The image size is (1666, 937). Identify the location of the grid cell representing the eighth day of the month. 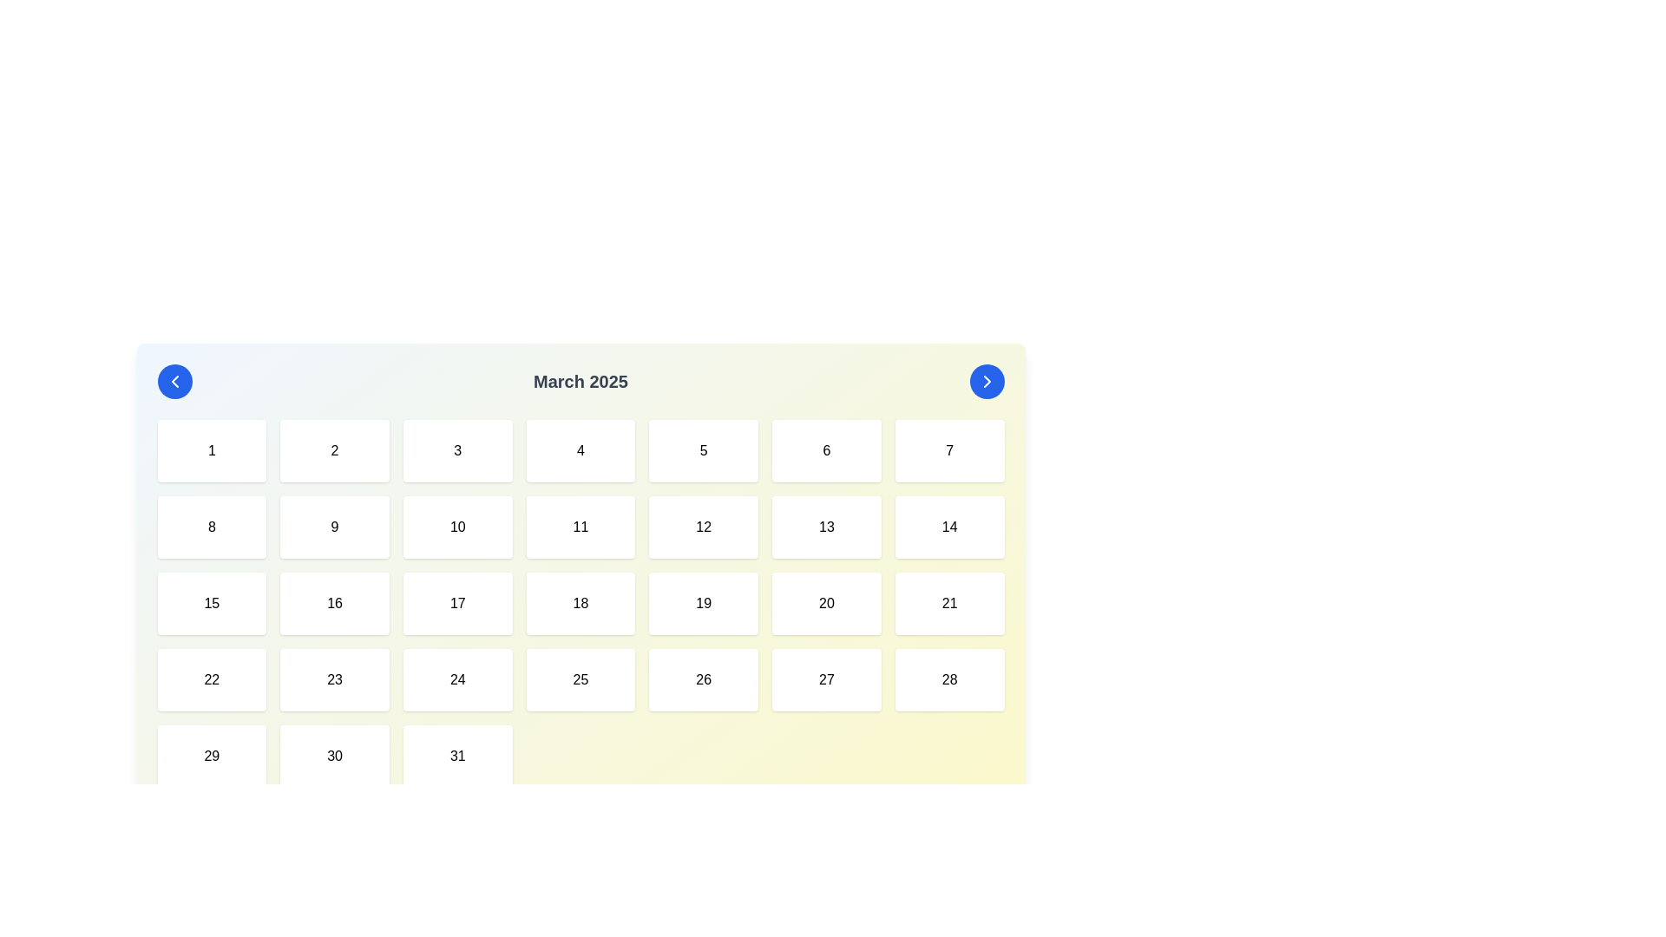
(211, 527).